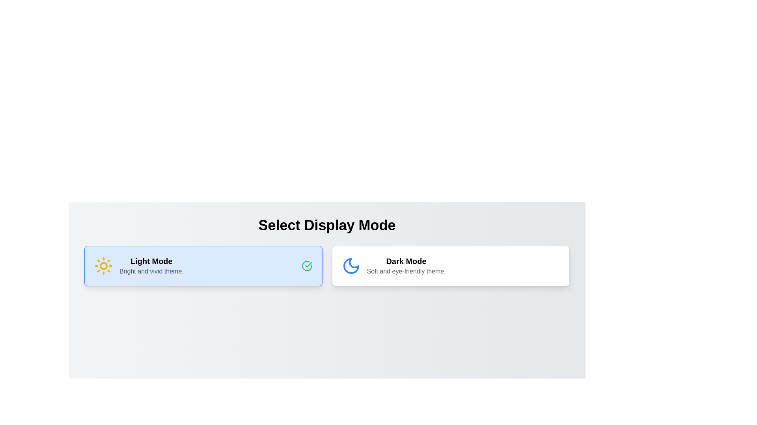 This screenshot has width=757, height=425. What do you see at coordinates (151, 271) in the screenshot?
I see `the static text that describes the 'Light Mode' option, which is positioned below the 'Light Mode' title in the left blue section of the 'Select Display Mode' layout` at bounding box center [151, 271].